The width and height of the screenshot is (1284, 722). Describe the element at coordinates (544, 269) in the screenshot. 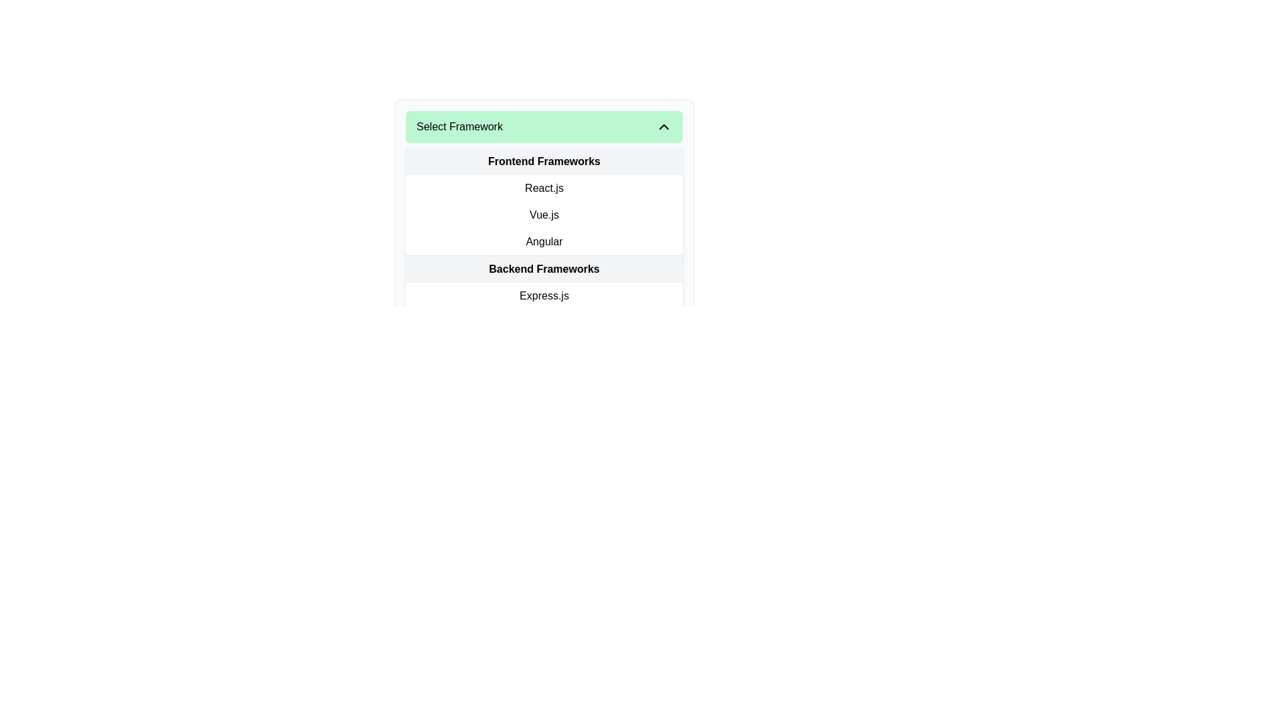

I see `the 'Backend Frameworks' label, which is a horizontal separator with bold black text on a light gray background, located below 'Frontend Frameworks' and above the options like 'Express.js'` at that location.